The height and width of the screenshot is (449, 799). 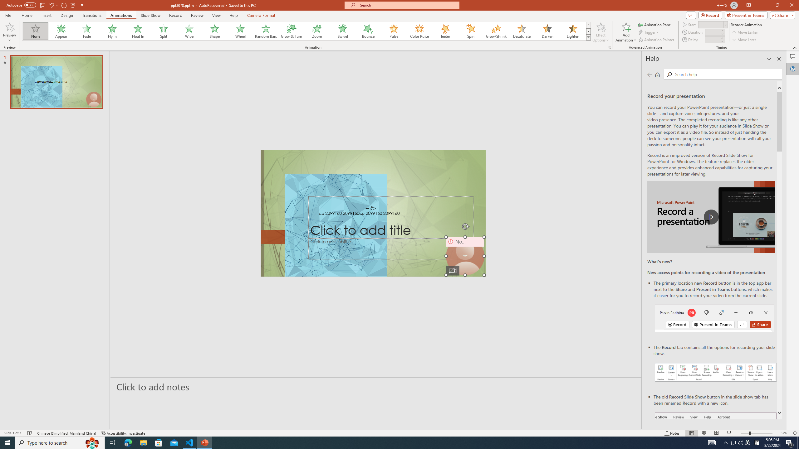 I want to click on 'Random Bars', so click(x=266, y=31).